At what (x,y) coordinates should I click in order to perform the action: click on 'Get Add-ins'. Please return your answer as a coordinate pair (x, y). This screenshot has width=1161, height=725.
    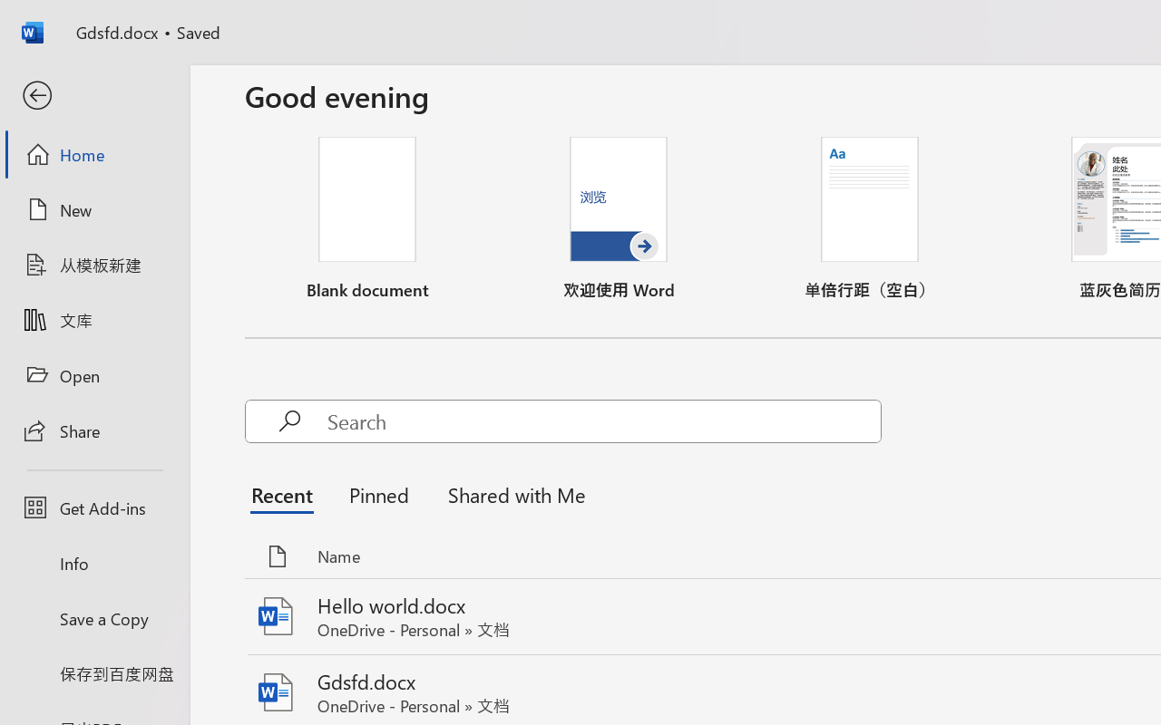
    Looking at the image, I should click on (93, 507).